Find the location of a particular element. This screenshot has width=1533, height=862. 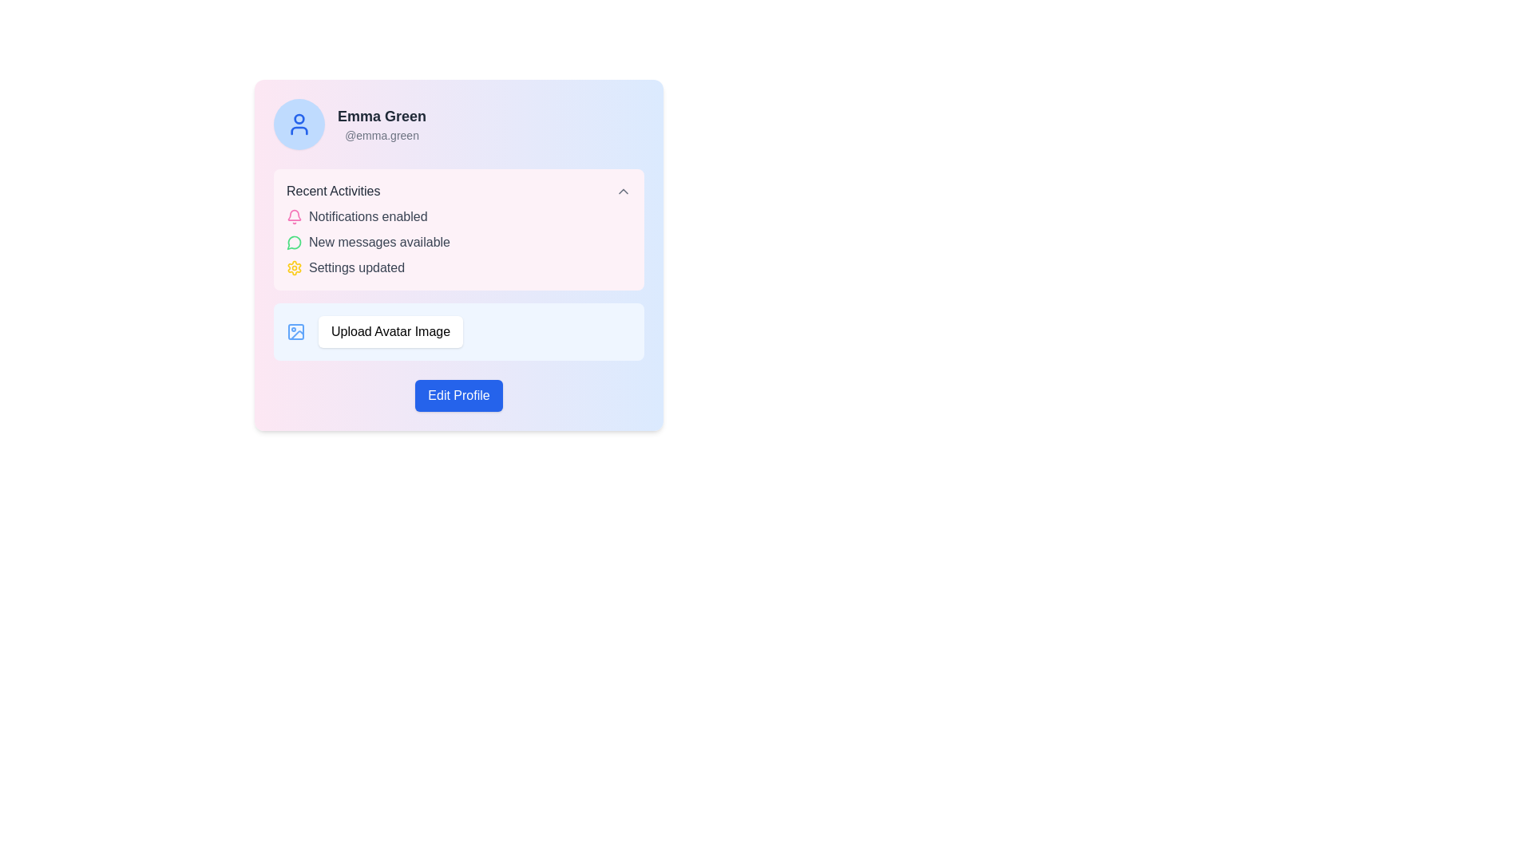

the notification bell icon outlined in light pink-red, located in the 'Recent Activities' section as the first icon from the top-left is located at coordinates (295, 217).